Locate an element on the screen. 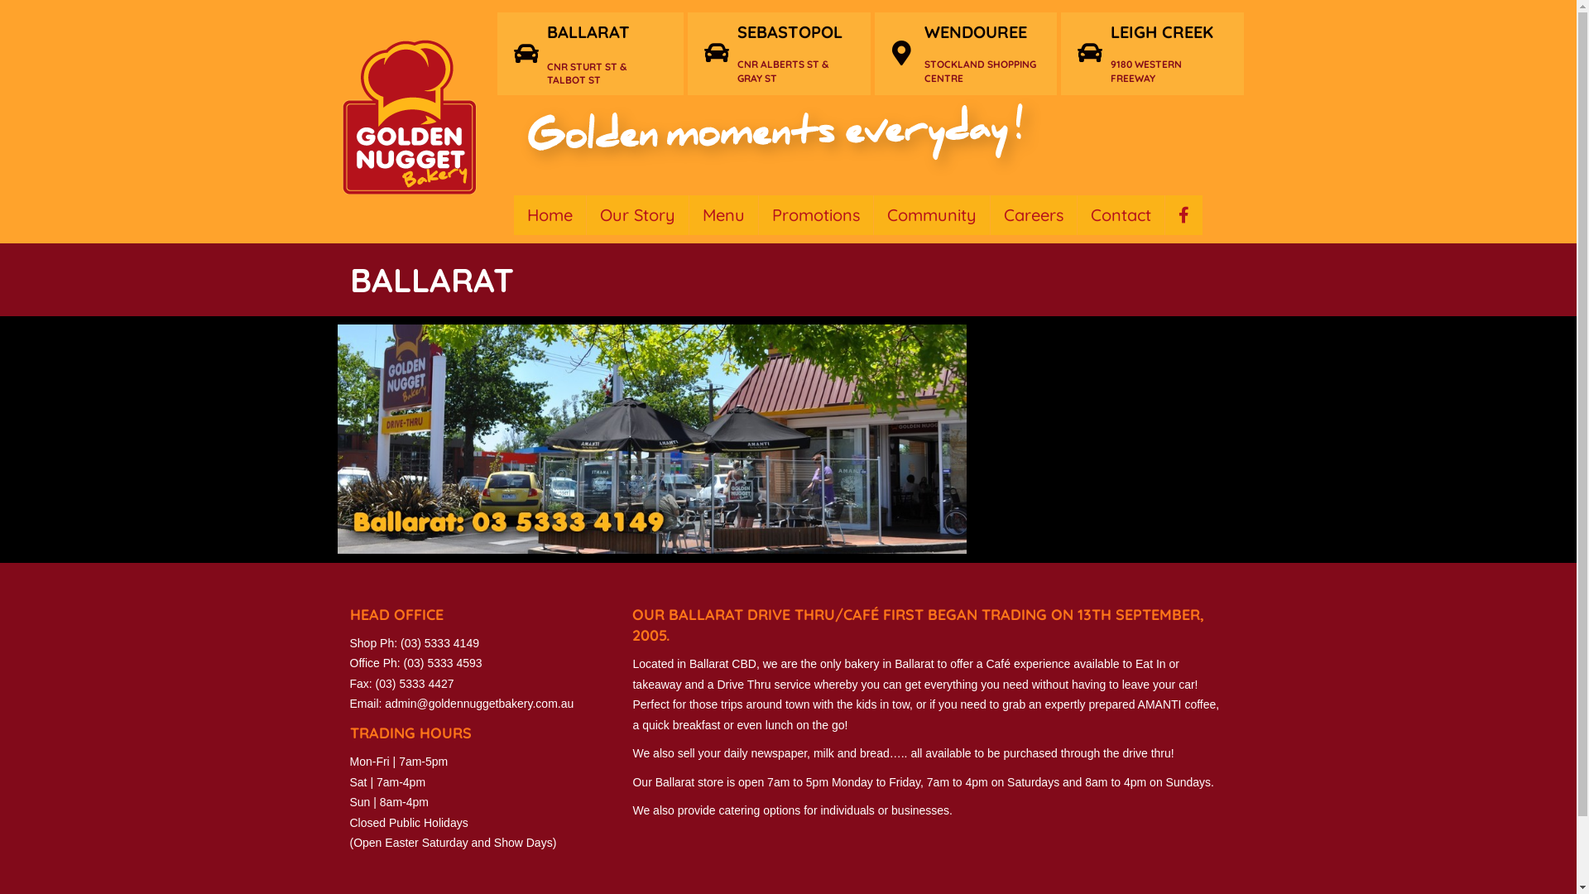 The image size is (1589, 894). 'Goldennugget Logo' is located at coordinates (408, 116).